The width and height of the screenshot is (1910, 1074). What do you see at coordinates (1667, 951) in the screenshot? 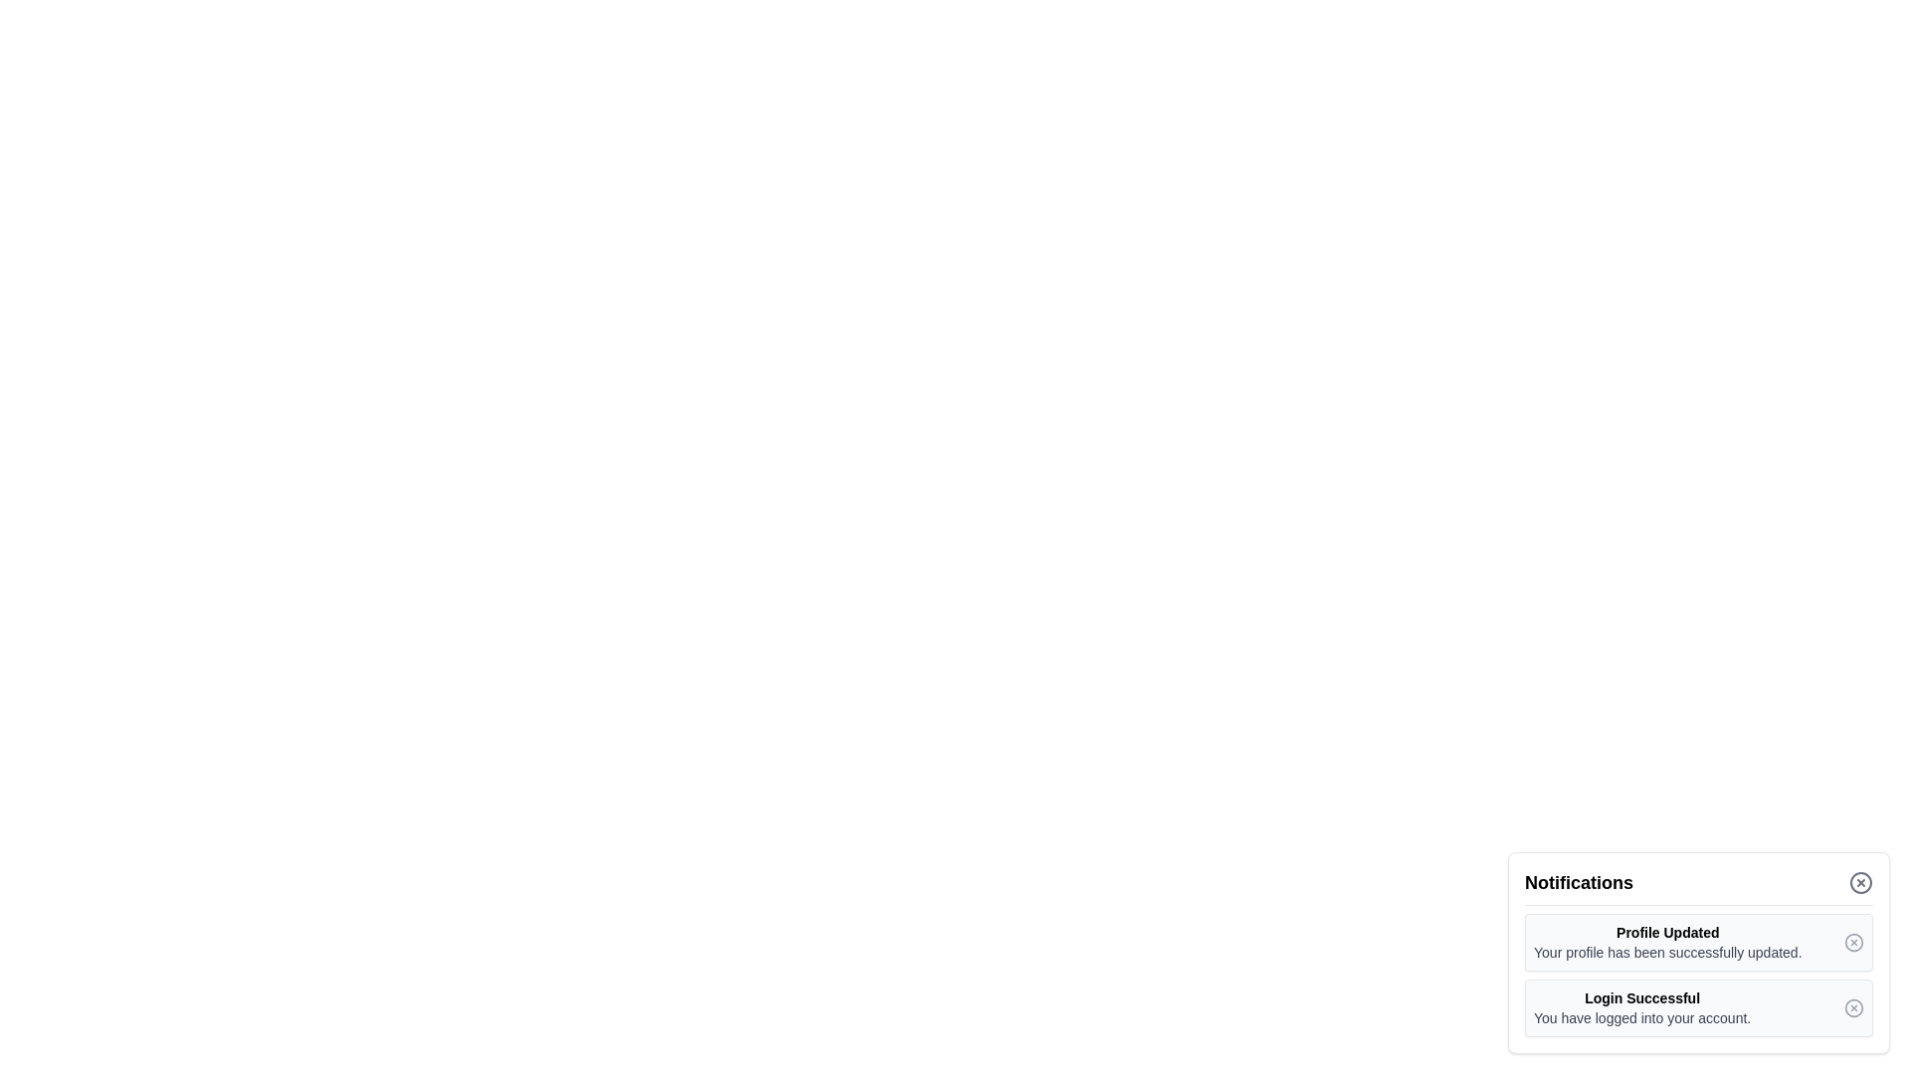
I see `the text label that displays the message 'Your profile has been successfully updated.' located in the notification box at the bottom-right corner of the interface` at bounding box center [1667, 951].